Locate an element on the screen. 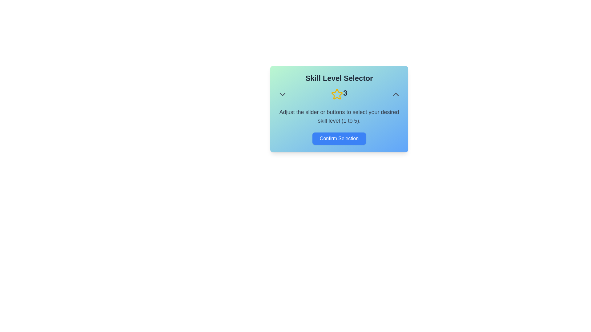 Image resolution: width=591 pixels, height=332 pixels. the star icon to set the skill level to 4 is located at coordinates (351, 94).